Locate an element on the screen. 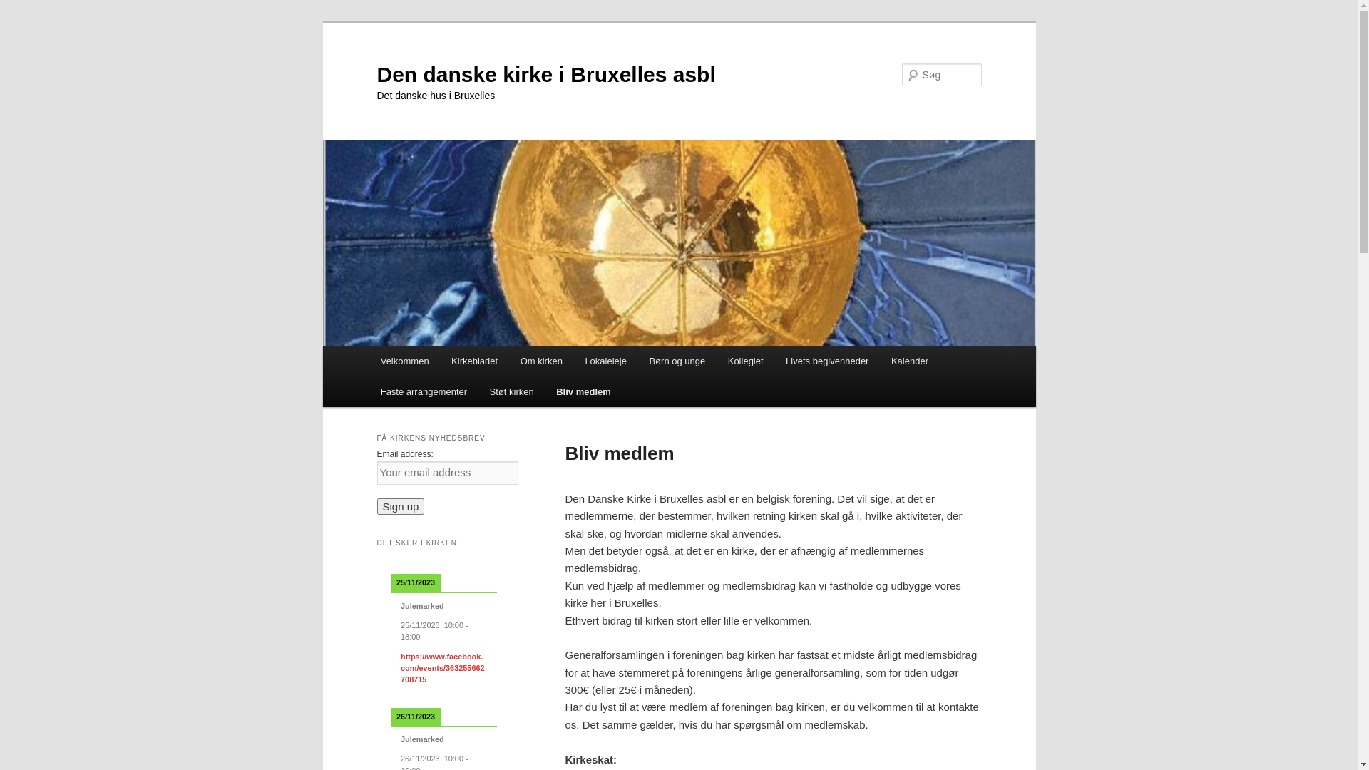  'Velkommen' is located at coordinates (404, 360).